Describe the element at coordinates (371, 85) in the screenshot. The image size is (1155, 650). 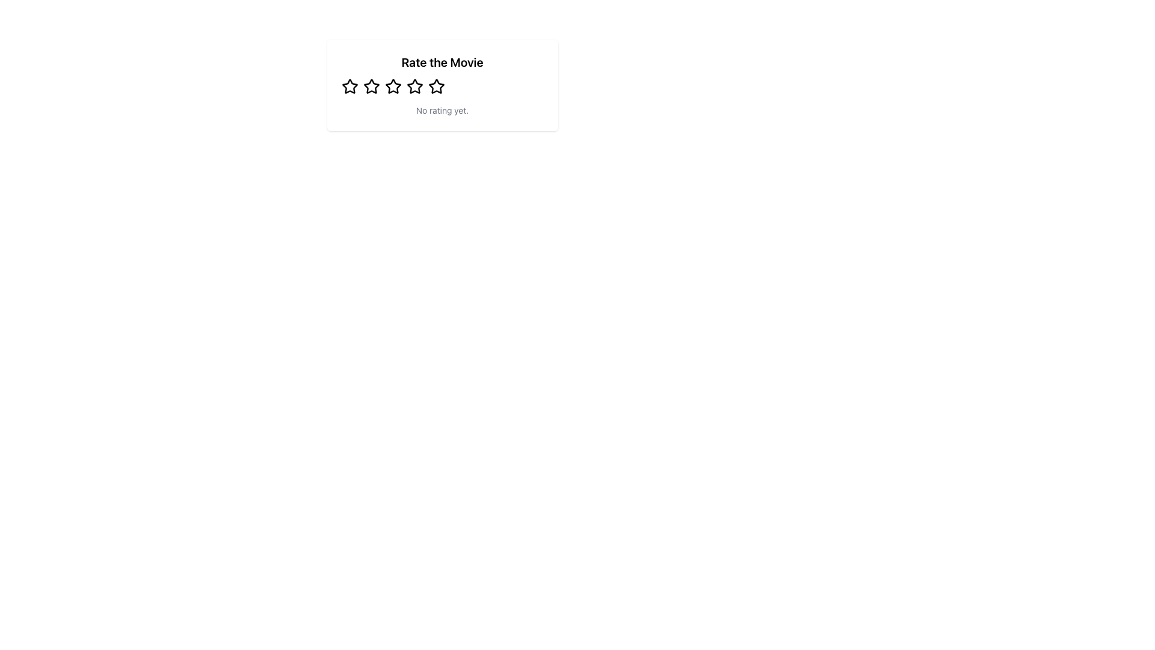
I see `the first star-shaped rating icon` at that location.